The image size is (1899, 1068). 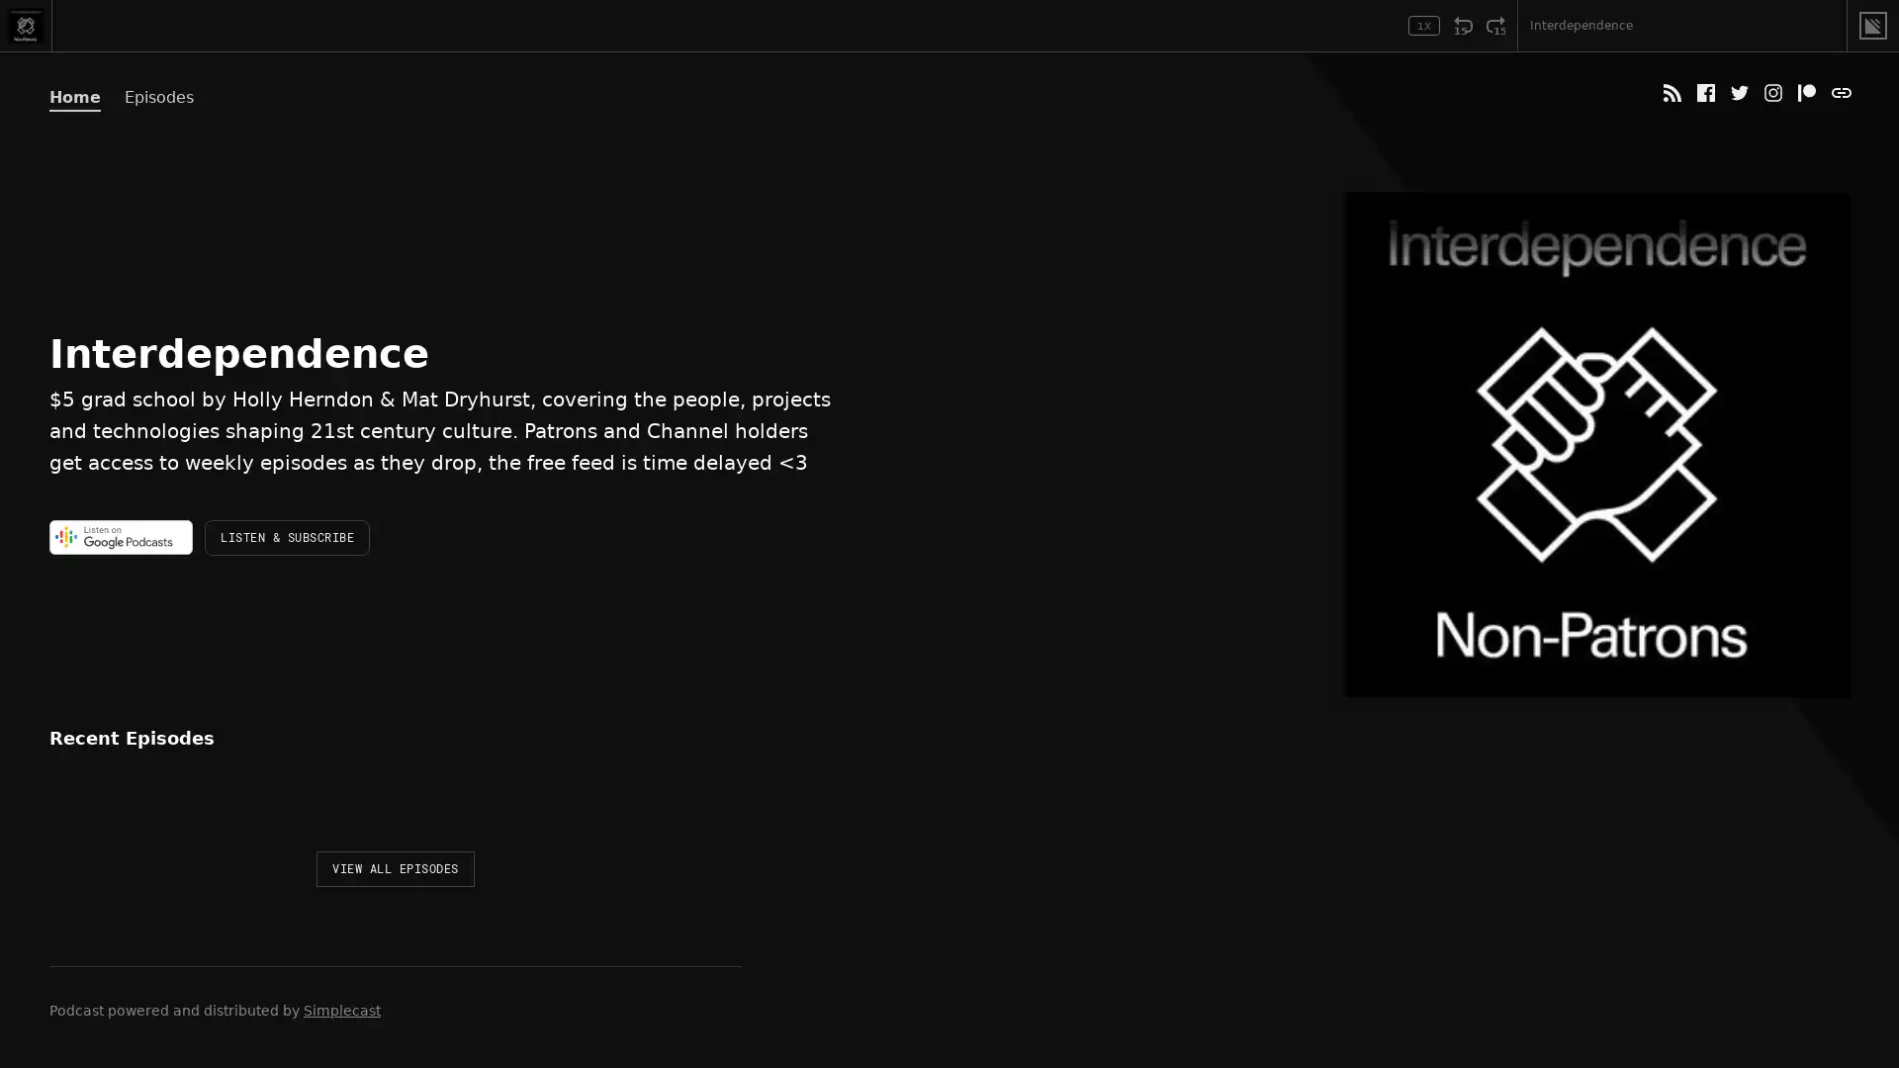 What do you see at coordinates (72, 820) in the screenshot?
I see `Play` at bounding box center [72, 820].